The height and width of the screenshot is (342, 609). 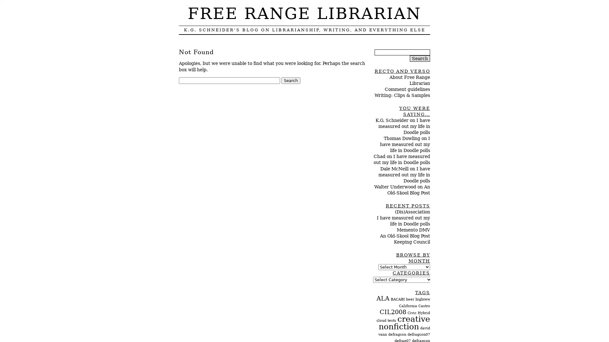 What do you see at coordinates (290, 80) in the screenshot?
I see `Search` at bounding box center [290, 80].